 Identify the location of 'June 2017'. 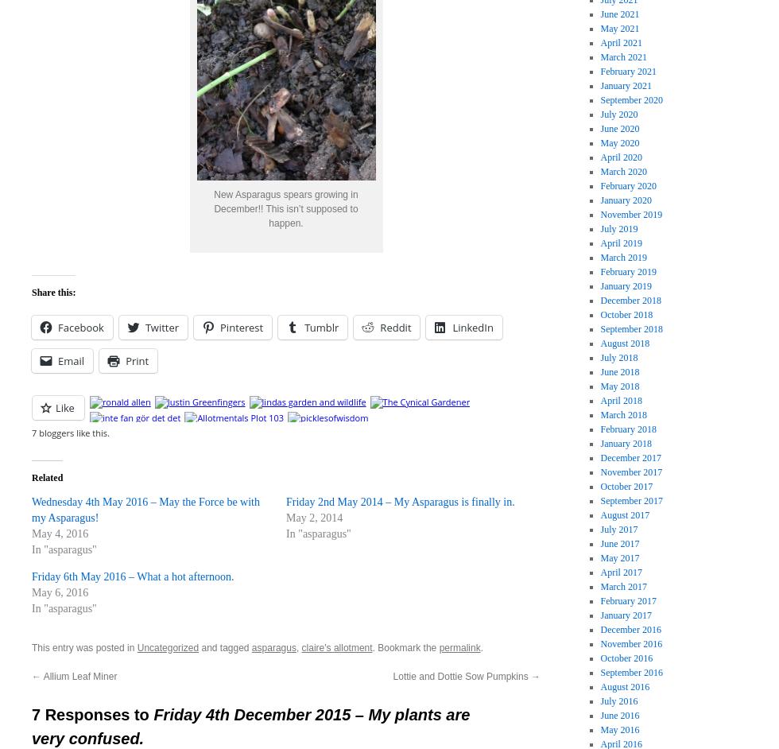
(619, 543).